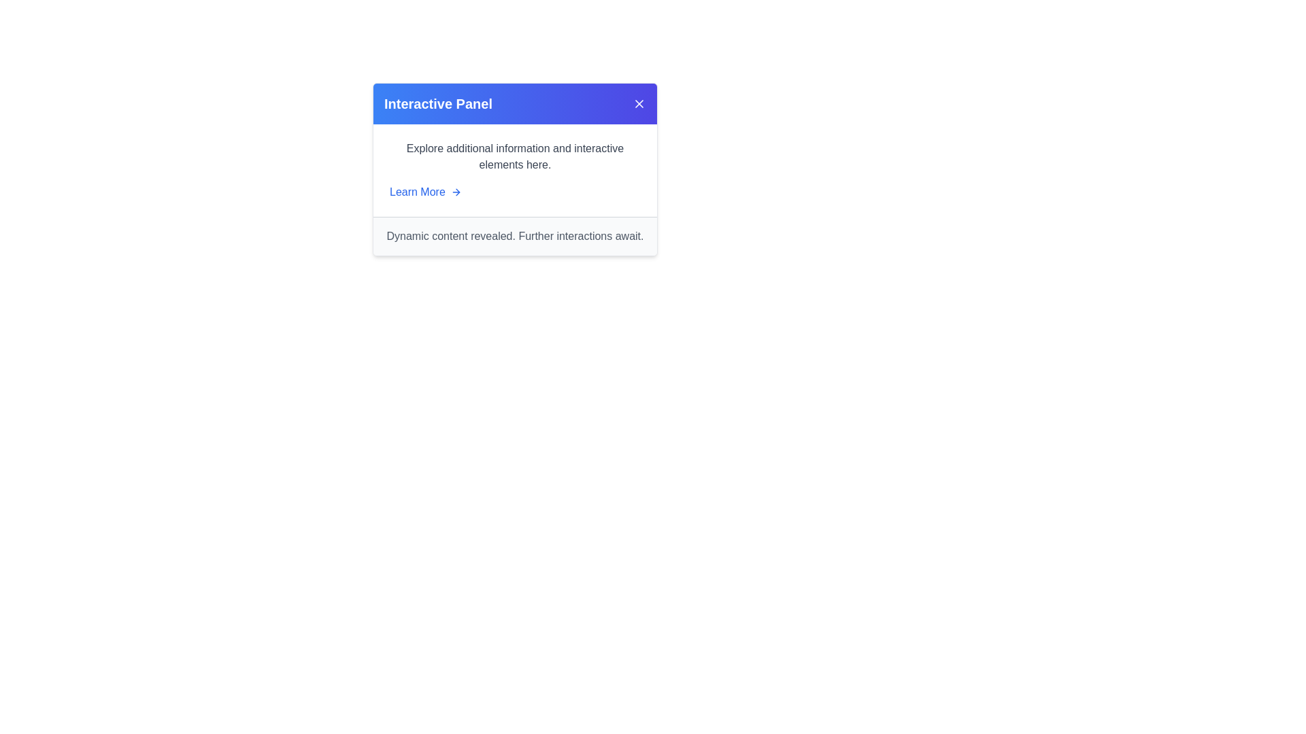 The height and width of the screenshot is (734, 1306). I want to click on the interactive icon located beside the 'Learn More' text, which indicates that clicking it will reveal additional content, so click(456, 192).